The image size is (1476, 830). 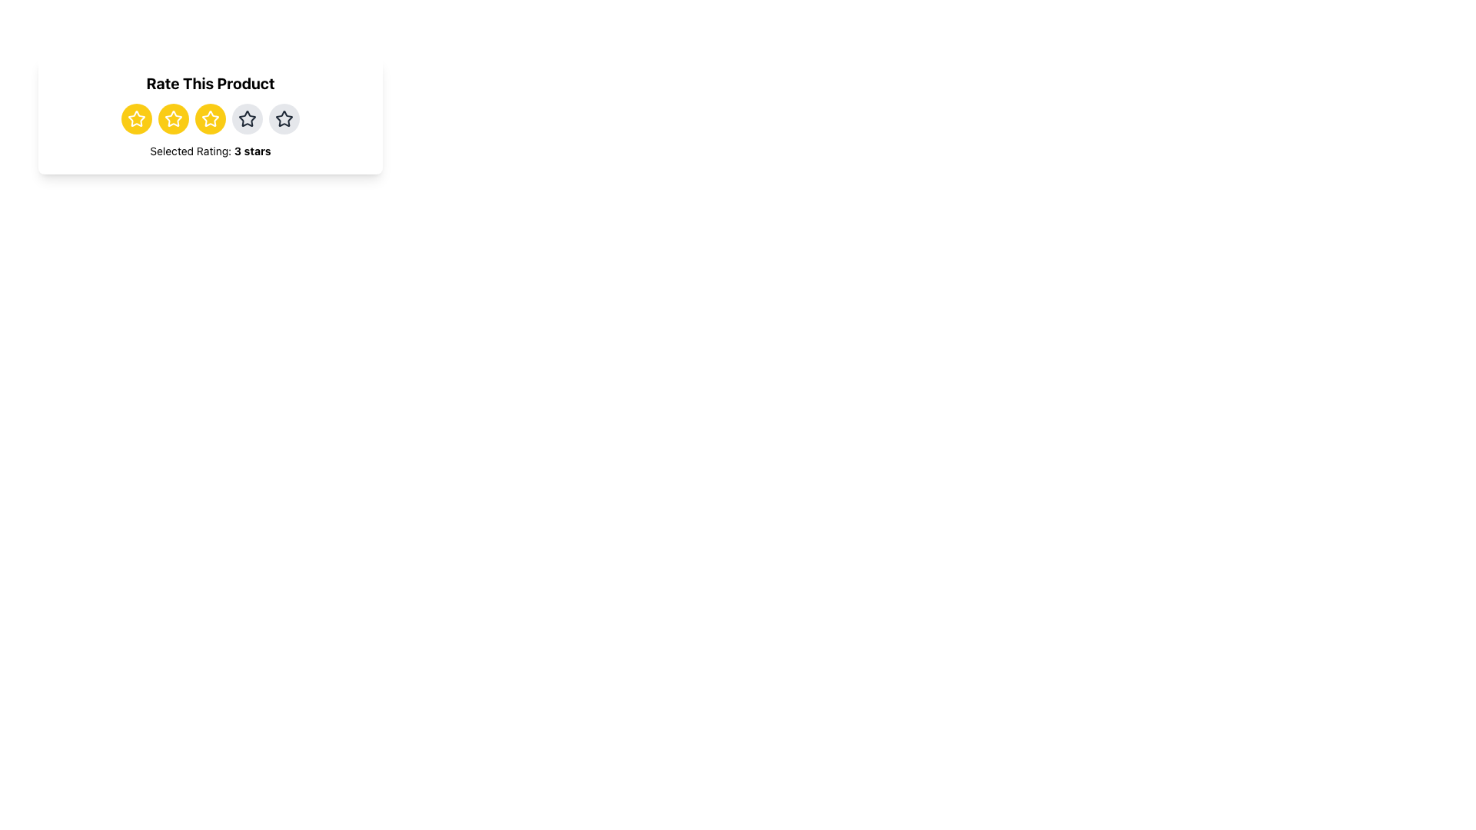 I want to click on the bold, large text label stating 'Rate This Product' at the top of the card layout, so click(x=209, y=83).